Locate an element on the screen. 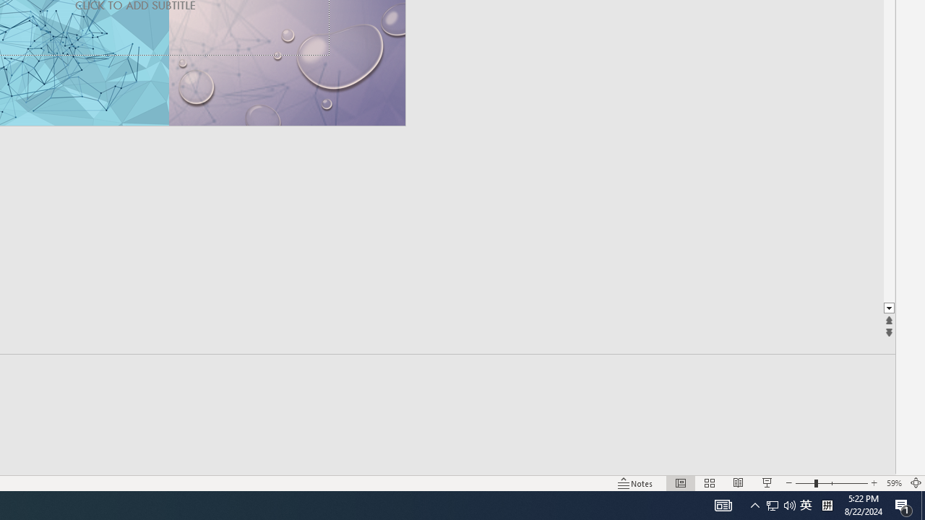 This screenshot has width=925, height=520. 'Zoom 59%' is located at coordinates (893, 483).